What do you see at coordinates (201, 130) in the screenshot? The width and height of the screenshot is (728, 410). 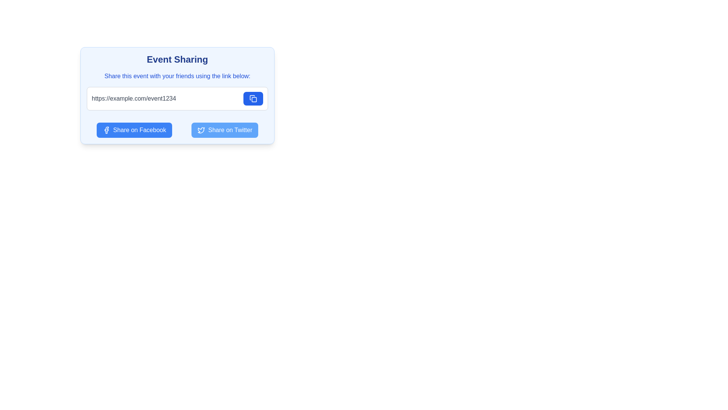 I see `the Twitter sharing icon, which is a white bird on a blue circular background, located within the 'Share on Twitter' button at the bottom-right section of the sharing interface` at bounding box center [201, 130].